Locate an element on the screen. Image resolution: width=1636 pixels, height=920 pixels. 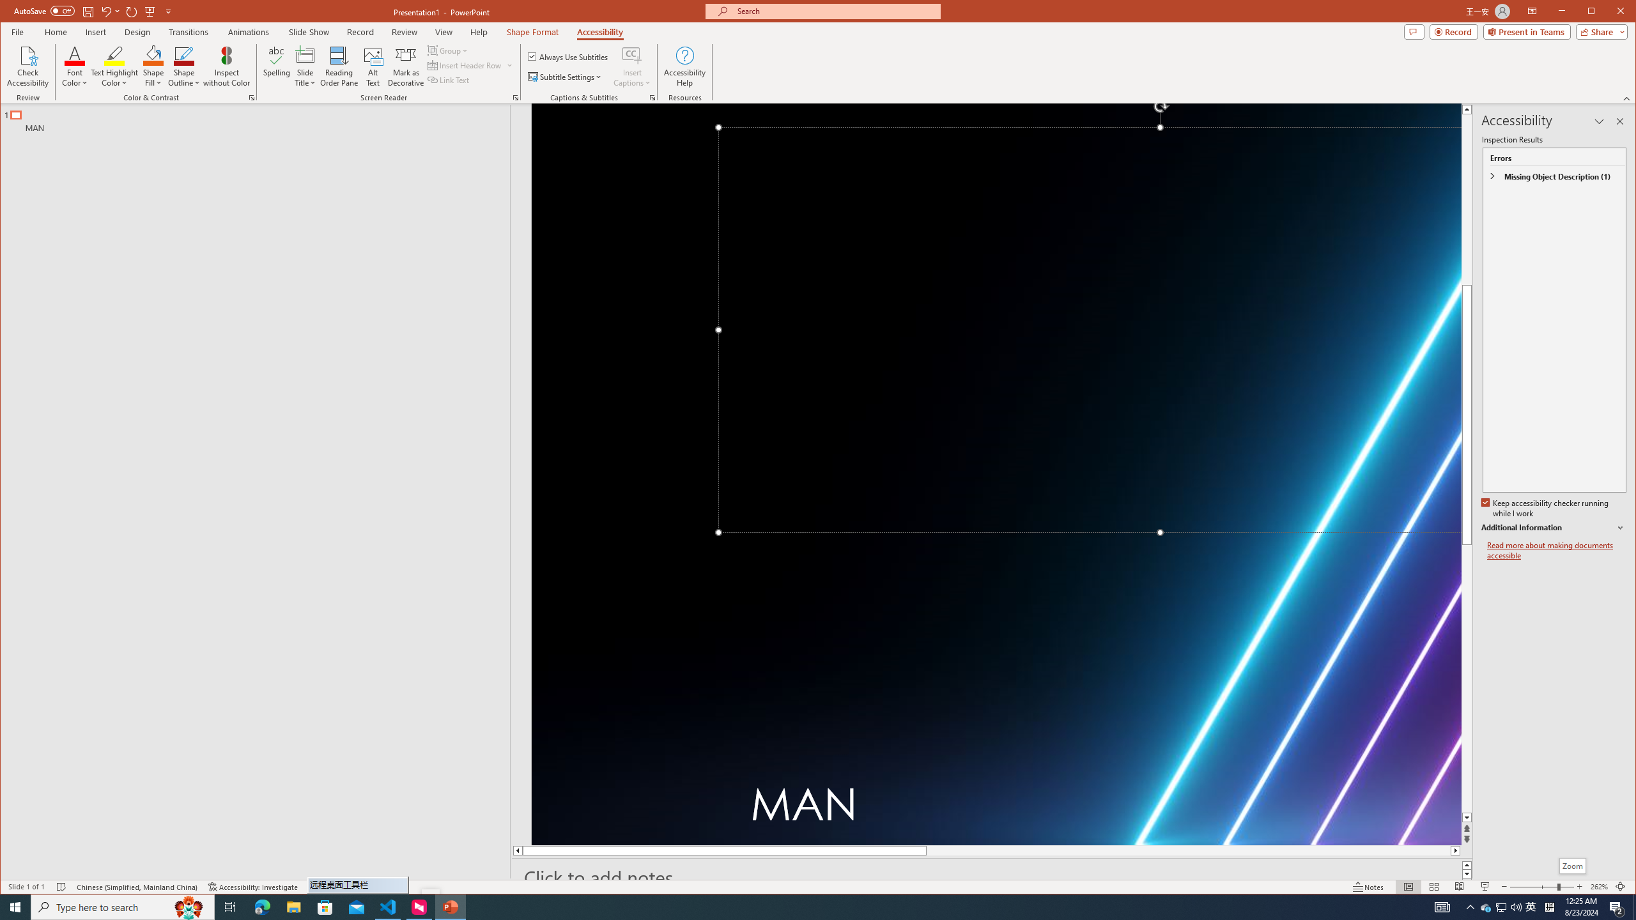
'Neon laser lights aligned to form a triangle' is located at coordinates (996, 474).